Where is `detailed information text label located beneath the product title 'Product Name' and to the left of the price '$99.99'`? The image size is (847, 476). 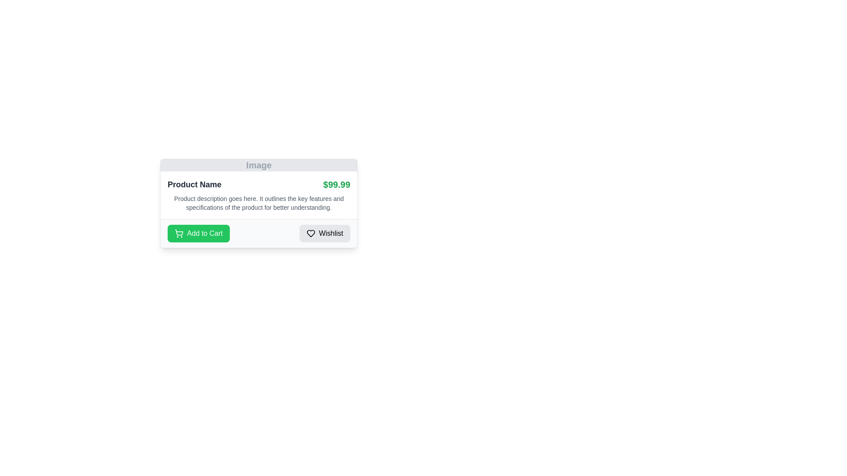
detailed information text label located beneath the product title 'Product Name' and to the left of the price '$99.99' is located at coordinates (258, 203).